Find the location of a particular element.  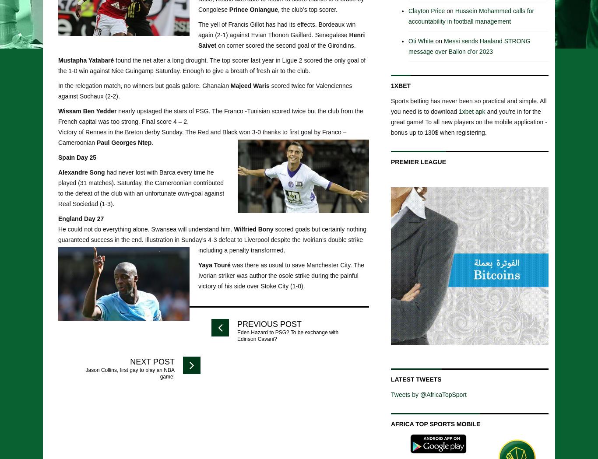

'on corner scored the second goal of the Girondins.' is located at coordinates (216, 45).